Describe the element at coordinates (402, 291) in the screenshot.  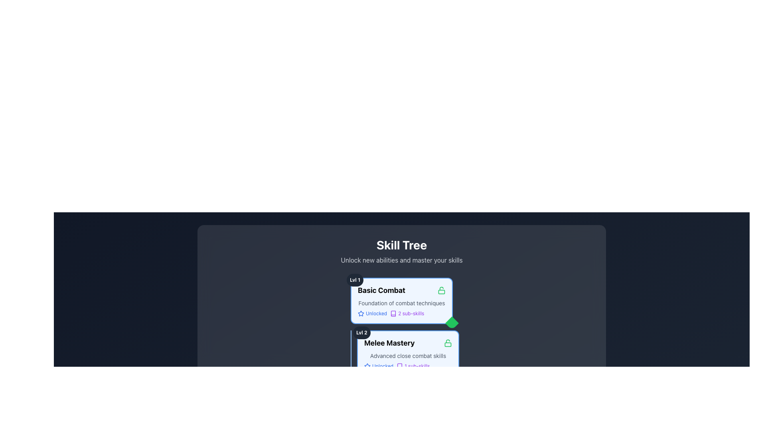
I see `the 'Basic Combat' text label, which is bold and prominently displayed next to a green unlocked padlock icon at the top of the 'Lvl 1' blue-bordered area` at that location.